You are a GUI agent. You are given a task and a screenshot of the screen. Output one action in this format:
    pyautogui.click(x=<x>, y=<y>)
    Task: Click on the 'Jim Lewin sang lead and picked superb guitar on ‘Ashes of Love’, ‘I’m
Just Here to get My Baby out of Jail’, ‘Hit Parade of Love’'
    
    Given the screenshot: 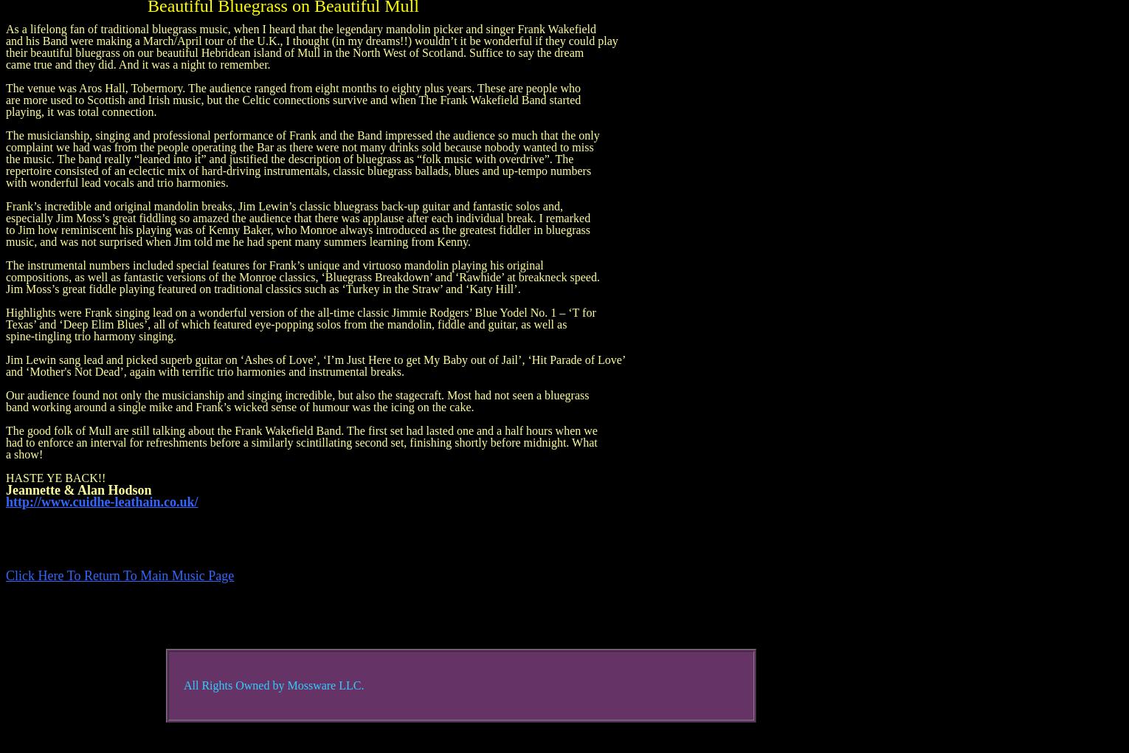 What is the action you would take?
    pyautogui.click(x=5, y=360)
    